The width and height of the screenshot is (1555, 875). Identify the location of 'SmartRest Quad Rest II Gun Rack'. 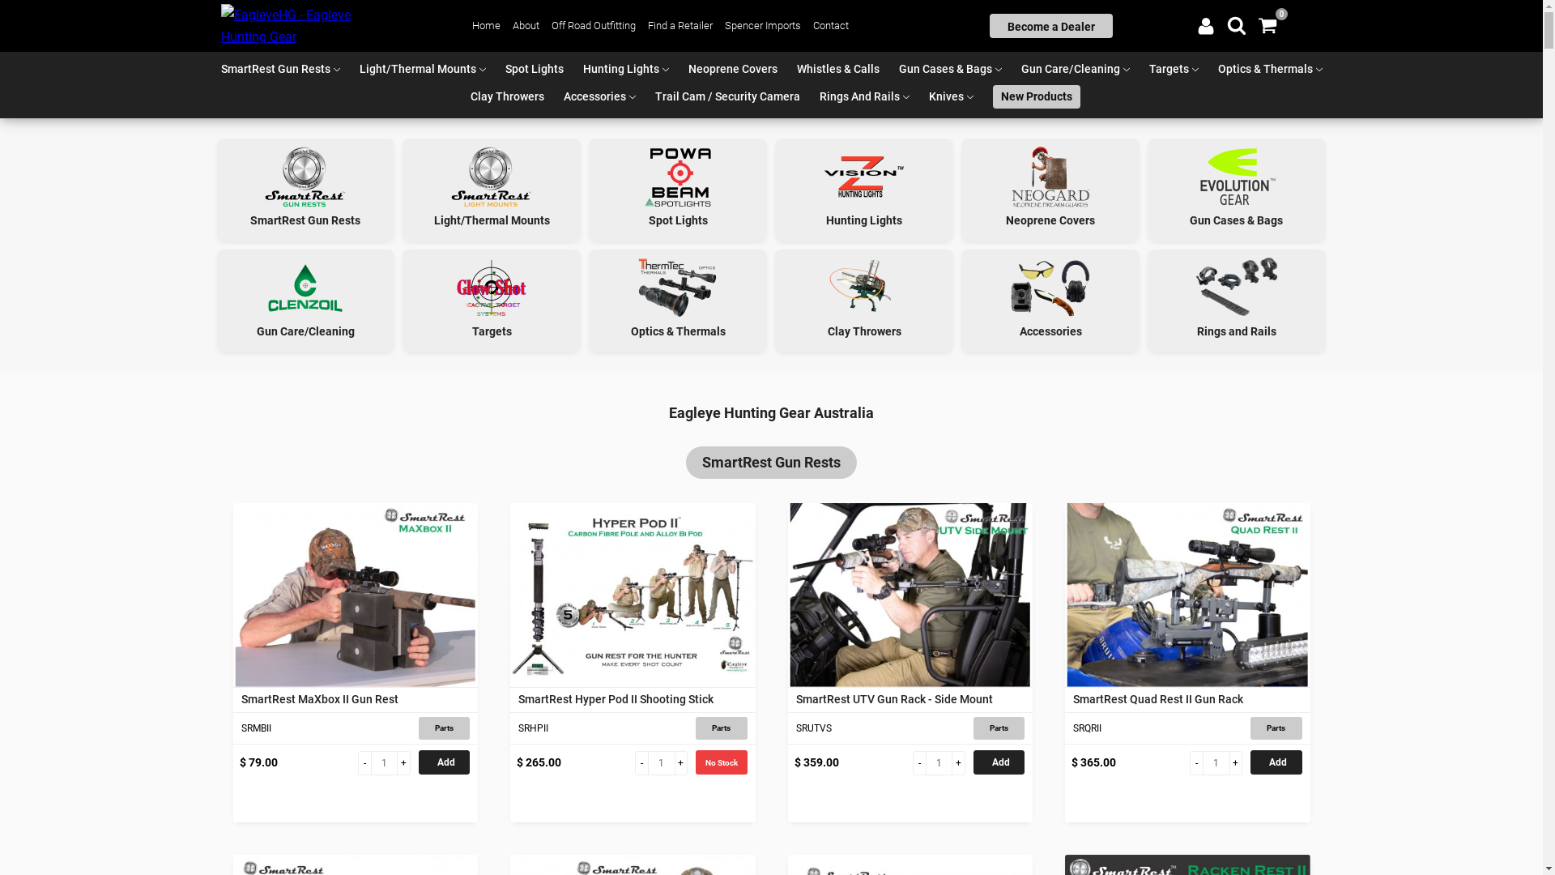
(1187, 595).